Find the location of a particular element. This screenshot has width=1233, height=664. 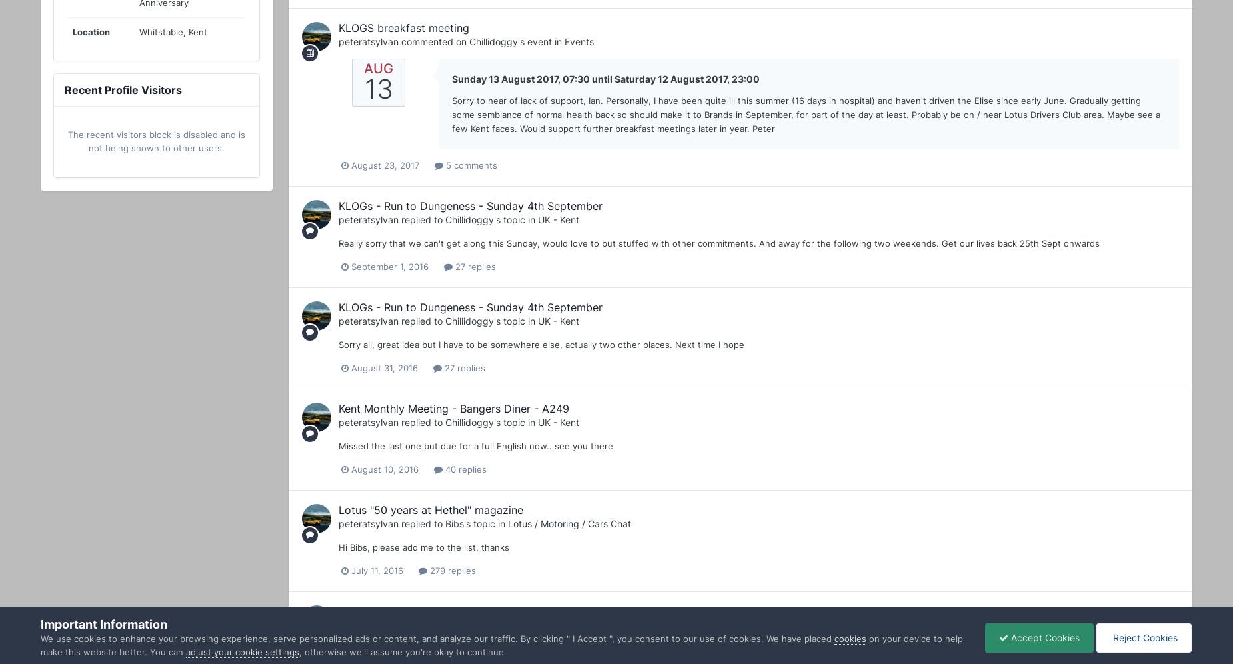

'commented on' is located at coordinates (434, 41).